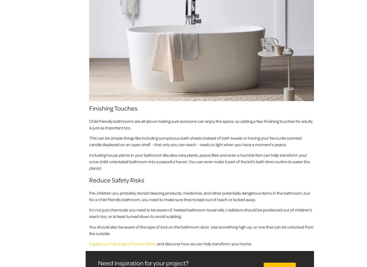  I want to click on 'Pre-children you probably stored cleaning products, medicines, and other potentially dangerous items in the bathroom, but for a child friendly bathroom, you need to make sure they’re kept out of reach or locked away.', so click(199, 196).